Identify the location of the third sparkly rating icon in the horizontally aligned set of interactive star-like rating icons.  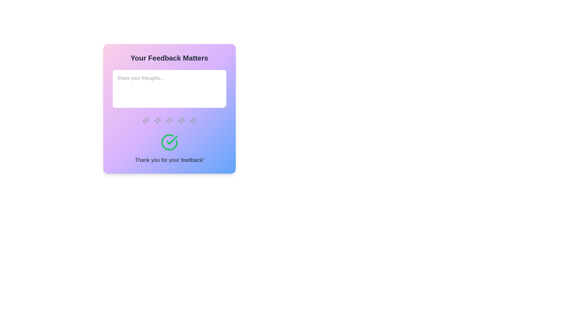
(169, 120).